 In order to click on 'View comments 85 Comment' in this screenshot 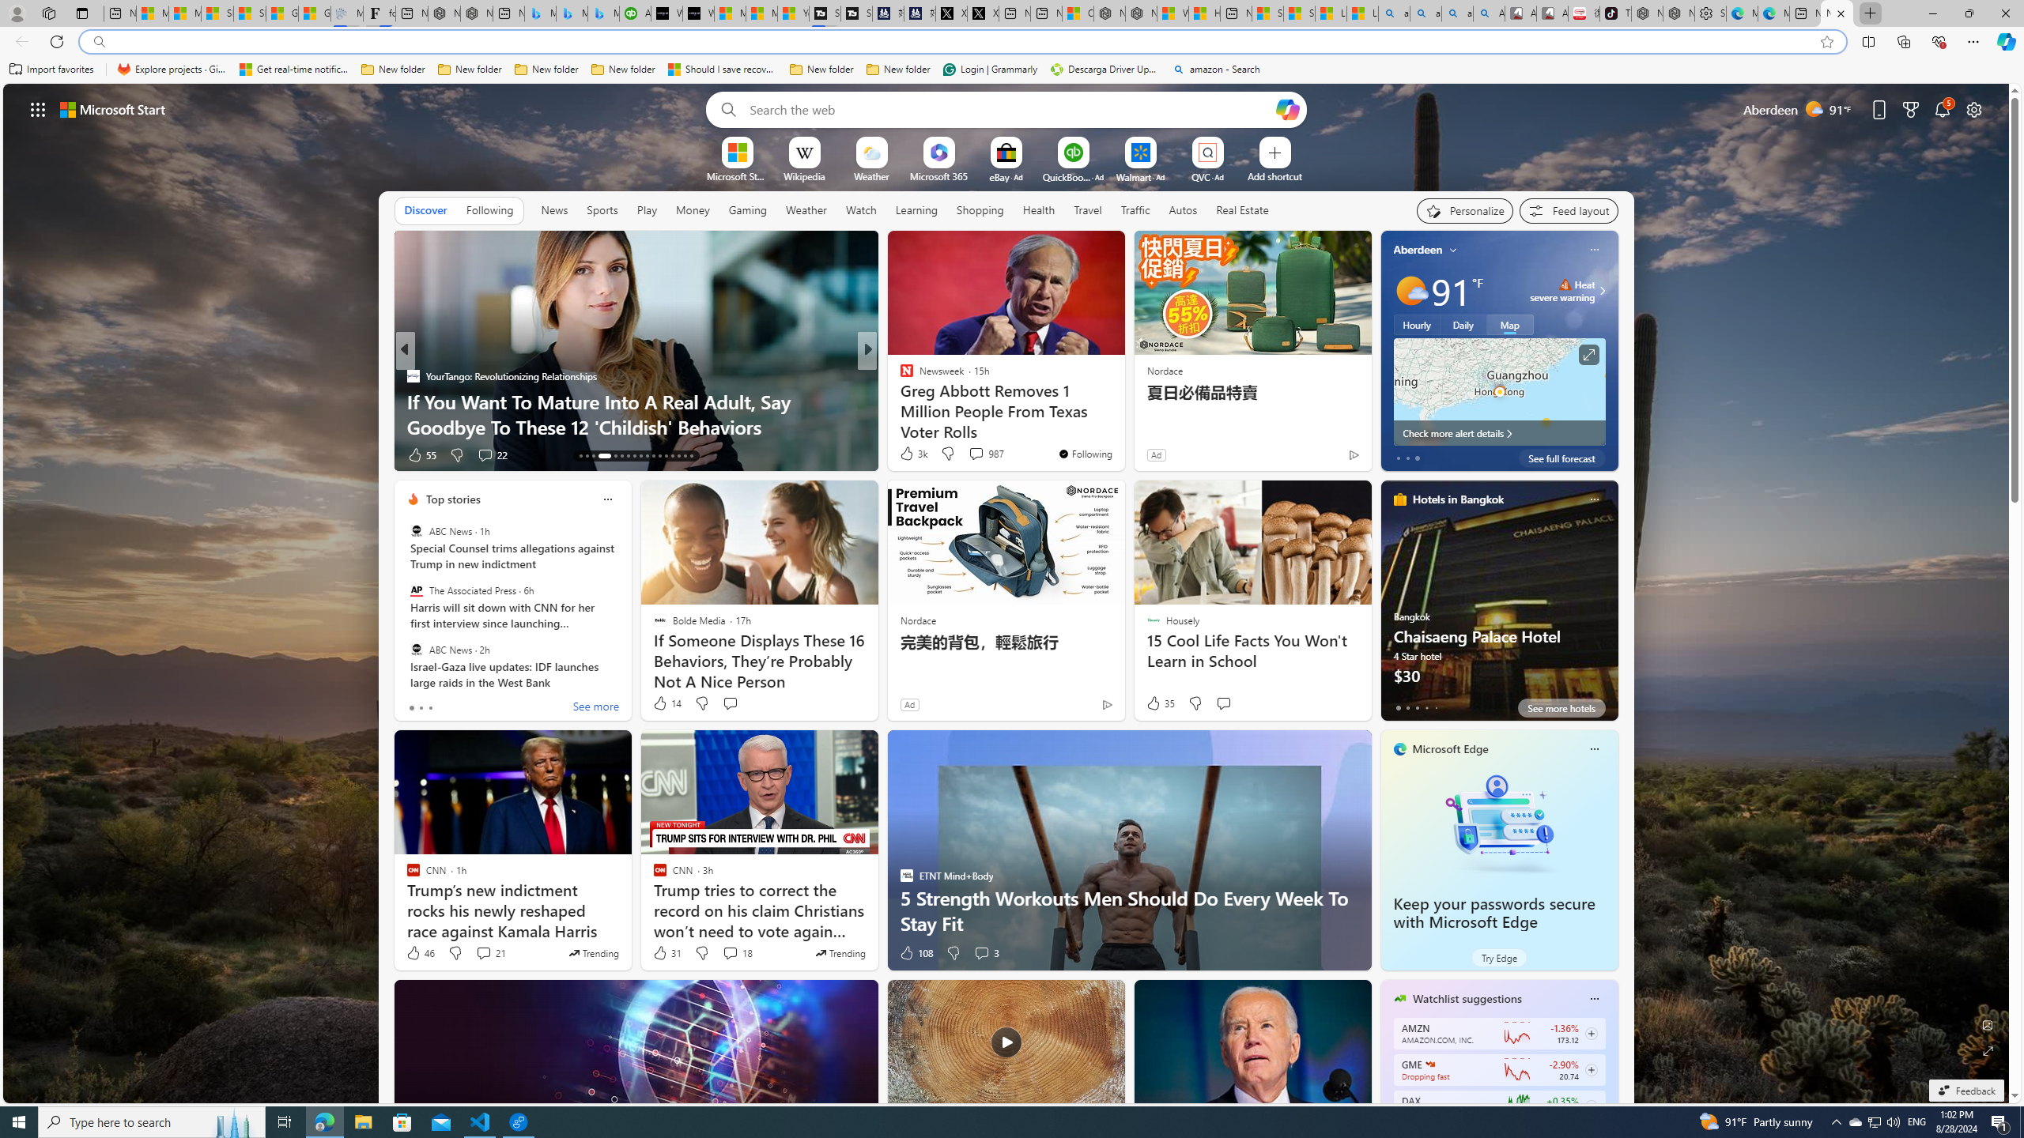, I will do `click(980, 454)`.